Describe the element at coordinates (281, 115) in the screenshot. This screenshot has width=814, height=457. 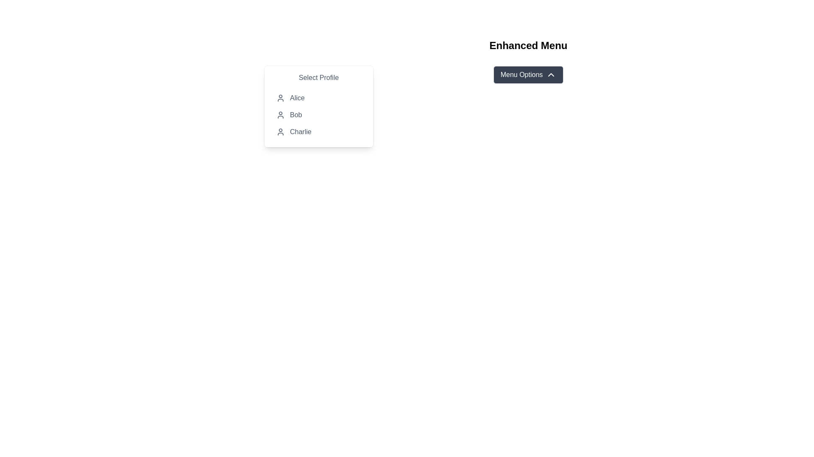
I see `the user profile icon representing 'Bob' located in the 'Select Profile' menu, positioned to the left of the text 'Bob'` at that location.